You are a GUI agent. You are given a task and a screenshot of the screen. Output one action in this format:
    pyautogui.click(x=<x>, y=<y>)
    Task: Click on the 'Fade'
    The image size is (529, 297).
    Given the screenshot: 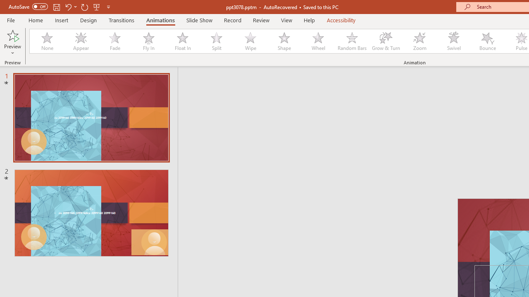 What is the action you would take?
    pyautogui.click(x=114, y=41)
    